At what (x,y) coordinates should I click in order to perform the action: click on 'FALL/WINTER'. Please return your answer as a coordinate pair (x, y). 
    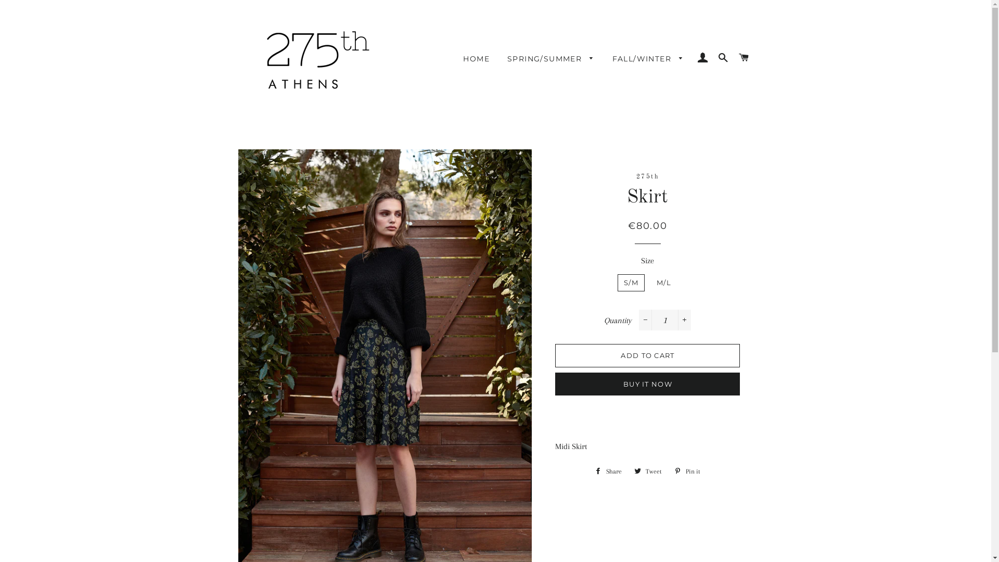
    Looking at the image, I should click on (648, 59).